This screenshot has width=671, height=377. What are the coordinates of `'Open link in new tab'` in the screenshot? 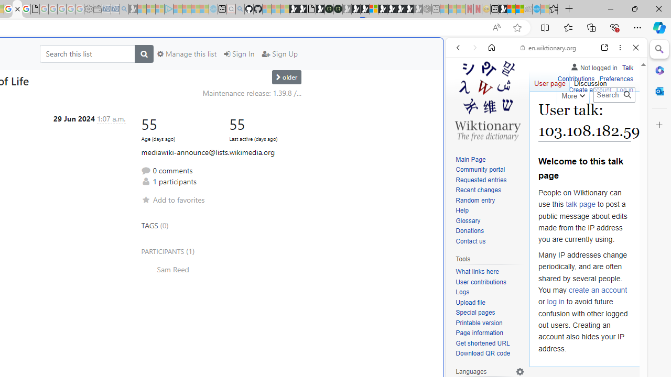 It's located at (604, 48).